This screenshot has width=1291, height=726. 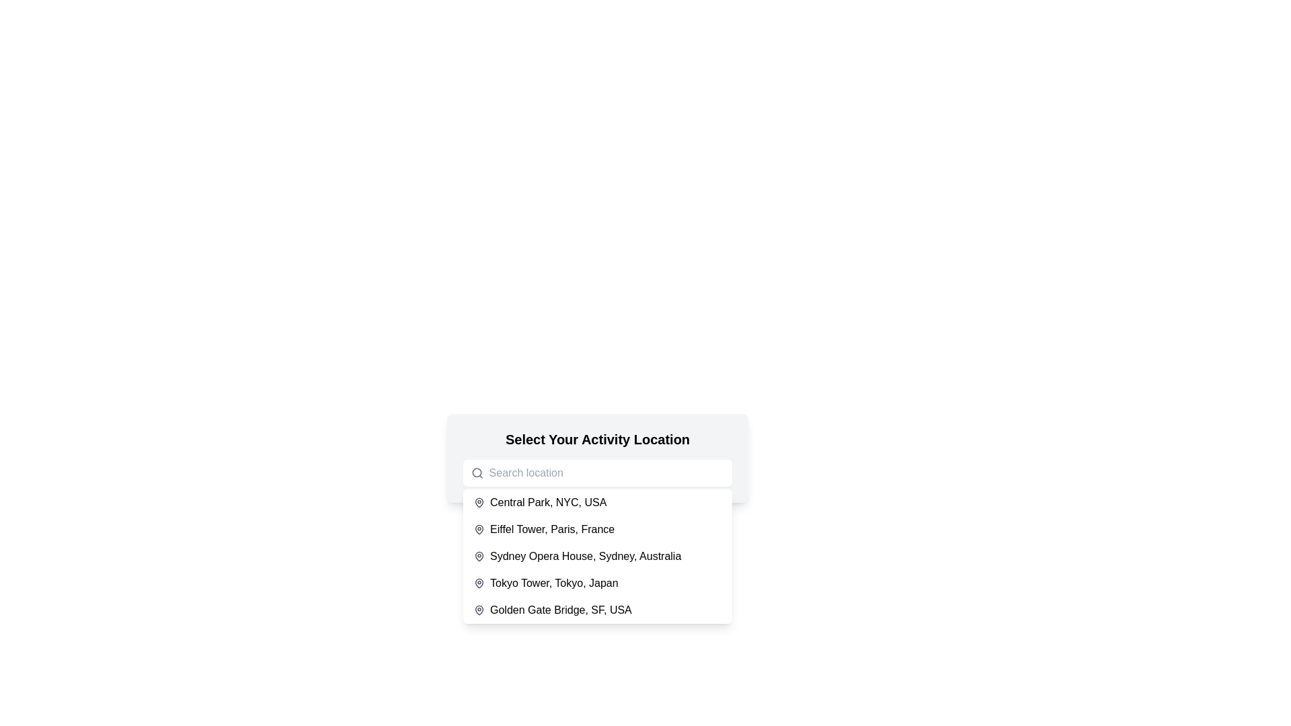 I want to click on the text label of the first item in the dropdown menu, which is part of a location-selection feature, so click(x=548, y=503).